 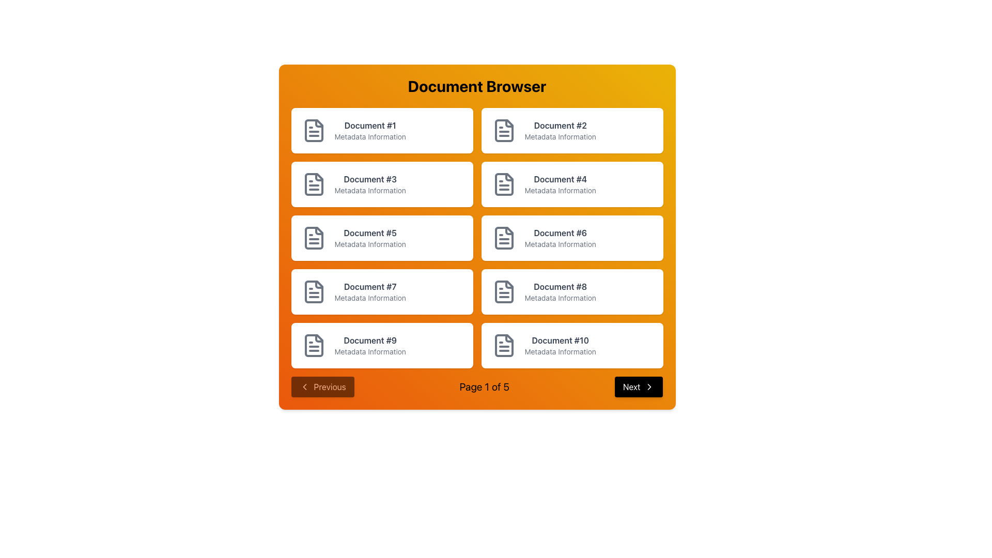 I want to click on the gray document icon with a folded top corner located in the 'Document #3 Metadata Information' box, positioned in the first column of the second row in the grid layout, so click(x=313, y=184).